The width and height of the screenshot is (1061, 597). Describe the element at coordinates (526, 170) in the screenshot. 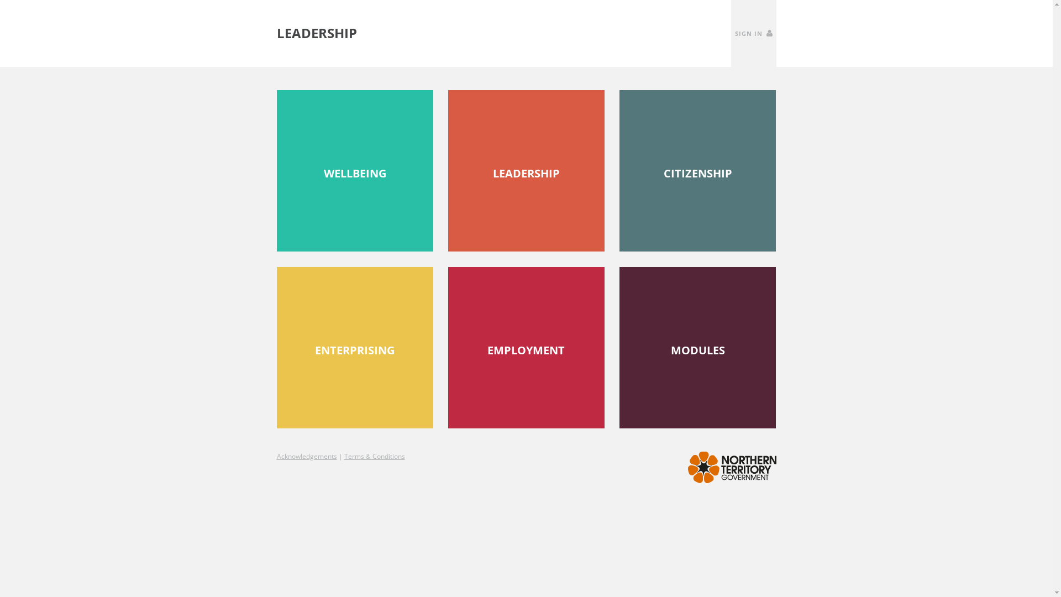

I see `'LEADERSHIP'` at that location.